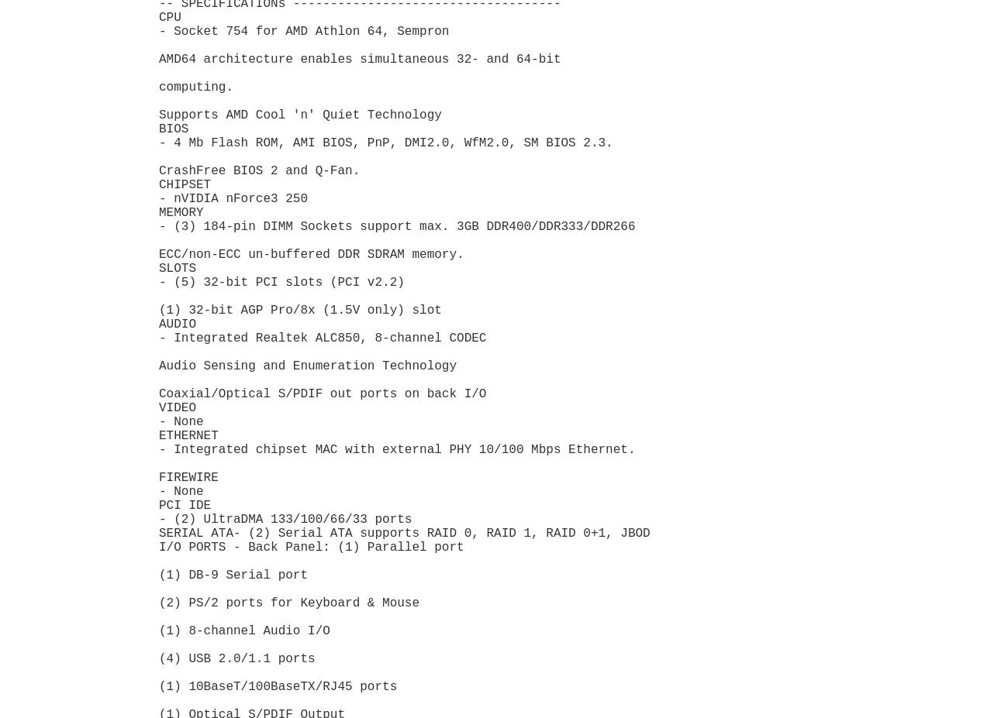 Image resolution: width=1008 pixels, height=718 pixels. What do you see at coordinates (285, 511) in the screenshot?
I see `'PCI IDE
- (2) UltraDMA 133/100/66/33 ports'` at bounding box center [285, 511].